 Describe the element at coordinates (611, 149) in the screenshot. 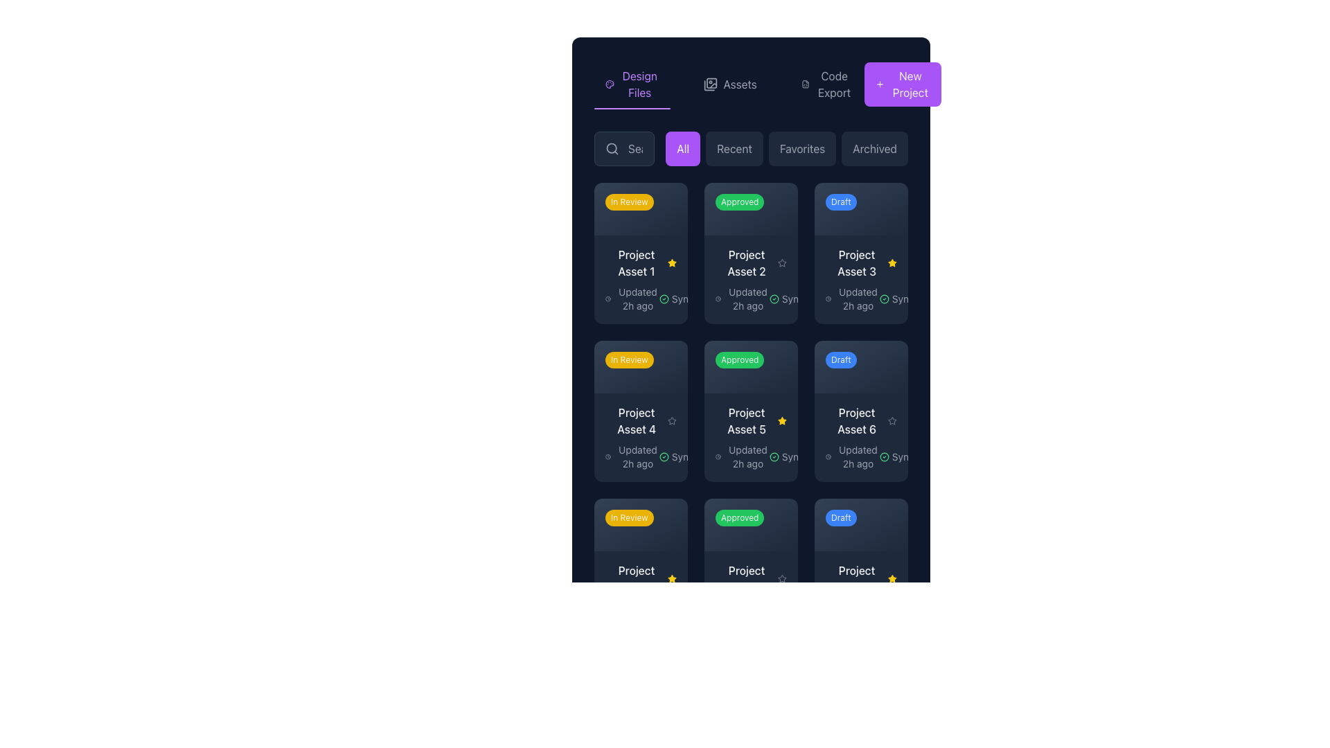

I see `the search icon located in the search input area, positioned on the top left of the interface, directly left of the text input field with the placeholder 'Search assets...'` at that location.